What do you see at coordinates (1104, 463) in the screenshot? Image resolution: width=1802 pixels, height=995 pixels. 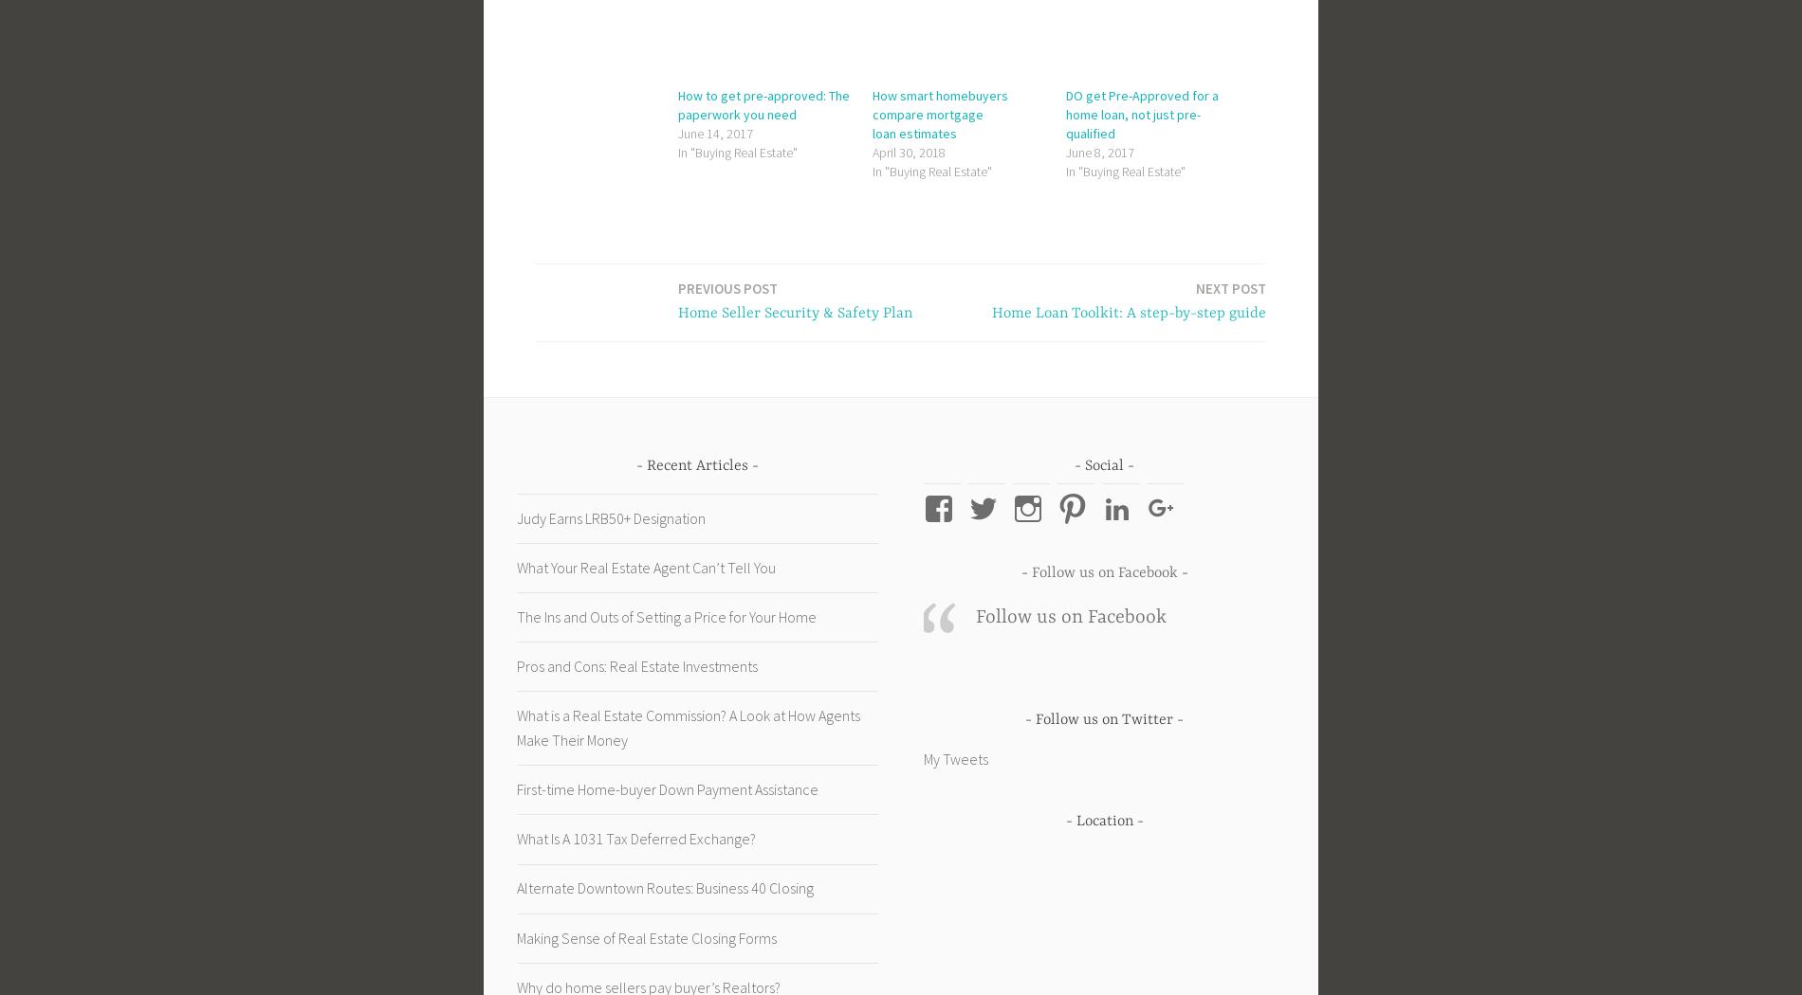 I see `'Social'` at bounding box center [1104, 463].